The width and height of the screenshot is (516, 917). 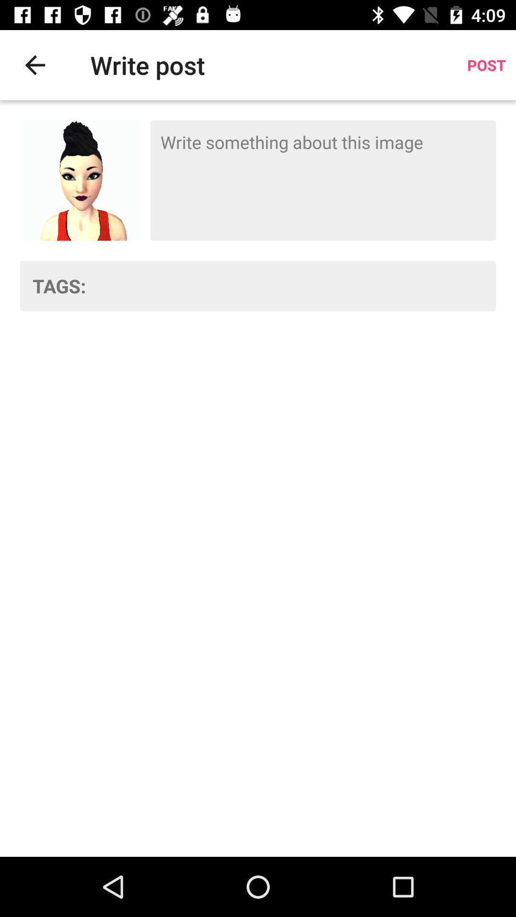 What do you see at coordinates (34, 64) in the screenshot?
I see `item to the left of write post` at bounding box center [34, 64].